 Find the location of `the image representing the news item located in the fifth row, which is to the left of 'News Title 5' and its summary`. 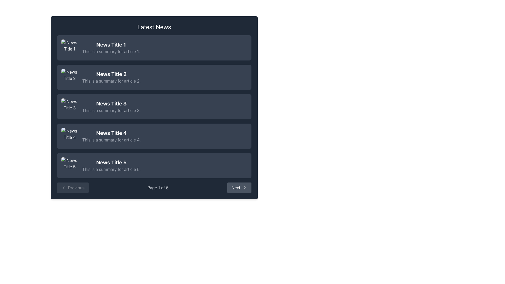

the image representing the news item located in the fifth row, which is to the left of 'News Title 5' and its summary is located at coordinates (69, 165).